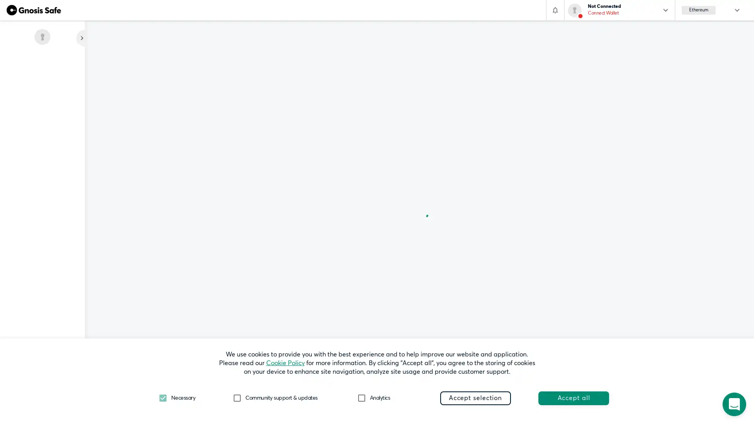 The height and width of the screenshot is (424, 754). What do you see at coordinates (151, 190) in the screenshot?
I see `+ Create new Safe` at bounding box center [151, 190].